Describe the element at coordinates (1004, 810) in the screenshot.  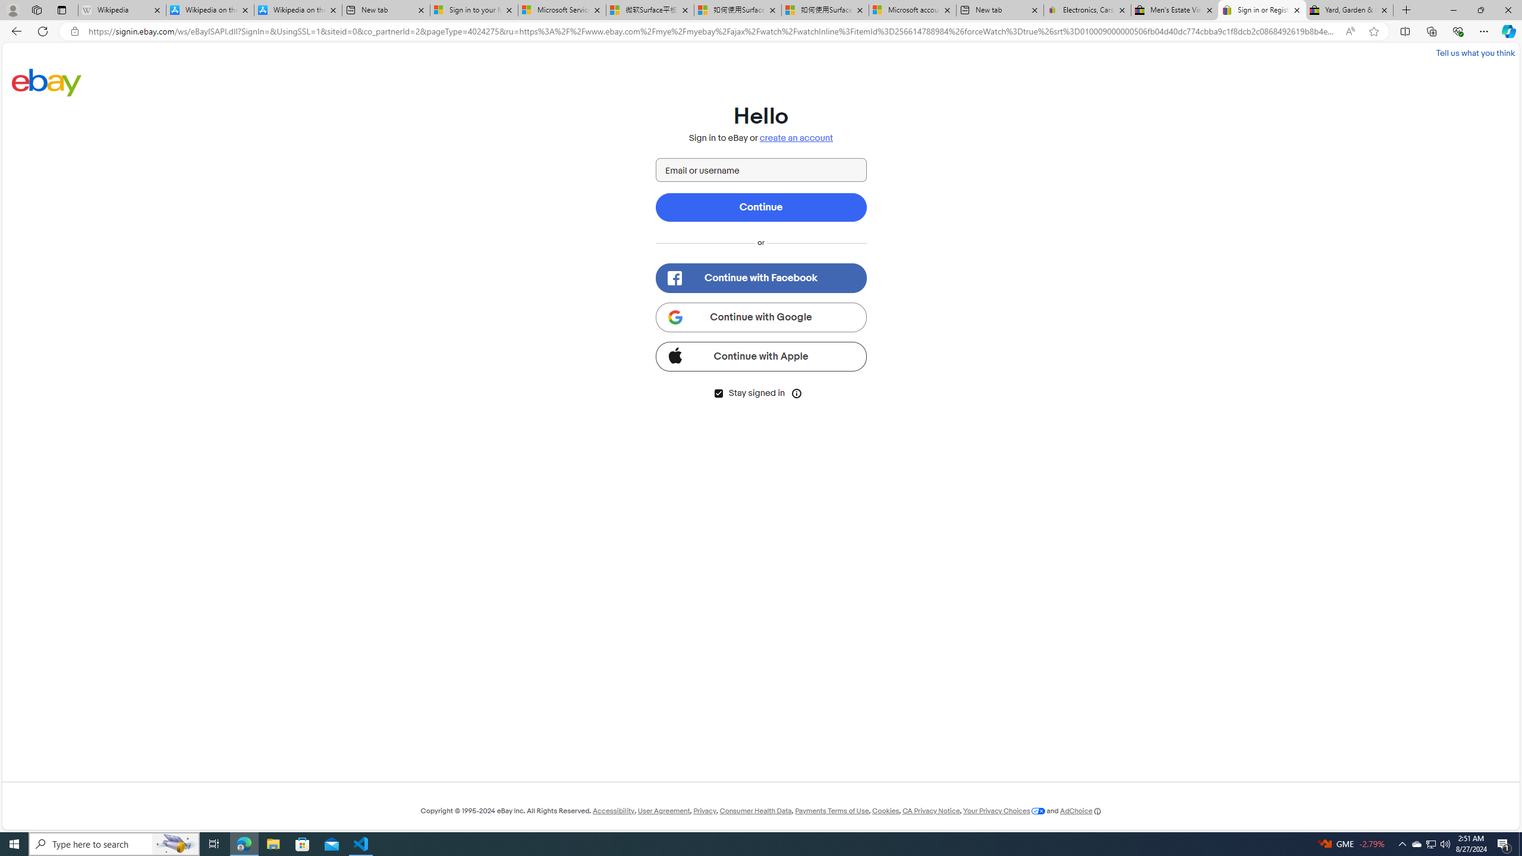
I see `'Your Privacy Choices'` at that location.